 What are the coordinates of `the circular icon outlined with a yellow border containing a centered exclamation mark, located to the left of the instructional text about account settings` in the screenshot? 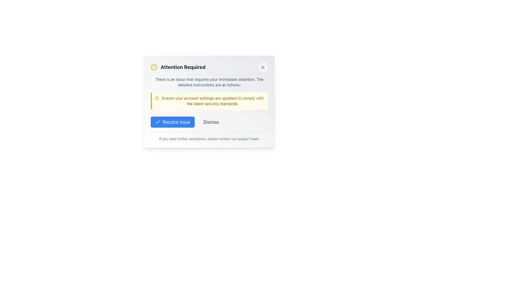 It's located at (157, 98).